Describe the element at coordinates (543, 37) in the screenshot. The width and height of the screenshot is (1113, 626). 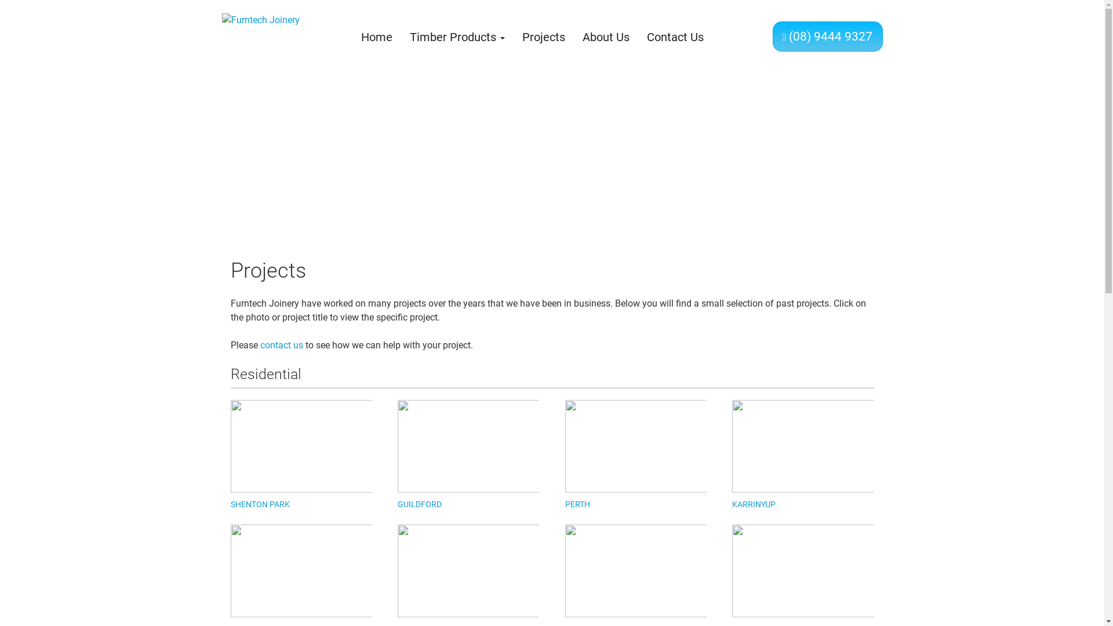
I see `'Projects'` at that location.